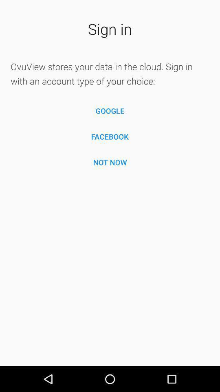  Describe the element at coordinates (110, 136) in the screenshot. I see `the facebook` at that location.